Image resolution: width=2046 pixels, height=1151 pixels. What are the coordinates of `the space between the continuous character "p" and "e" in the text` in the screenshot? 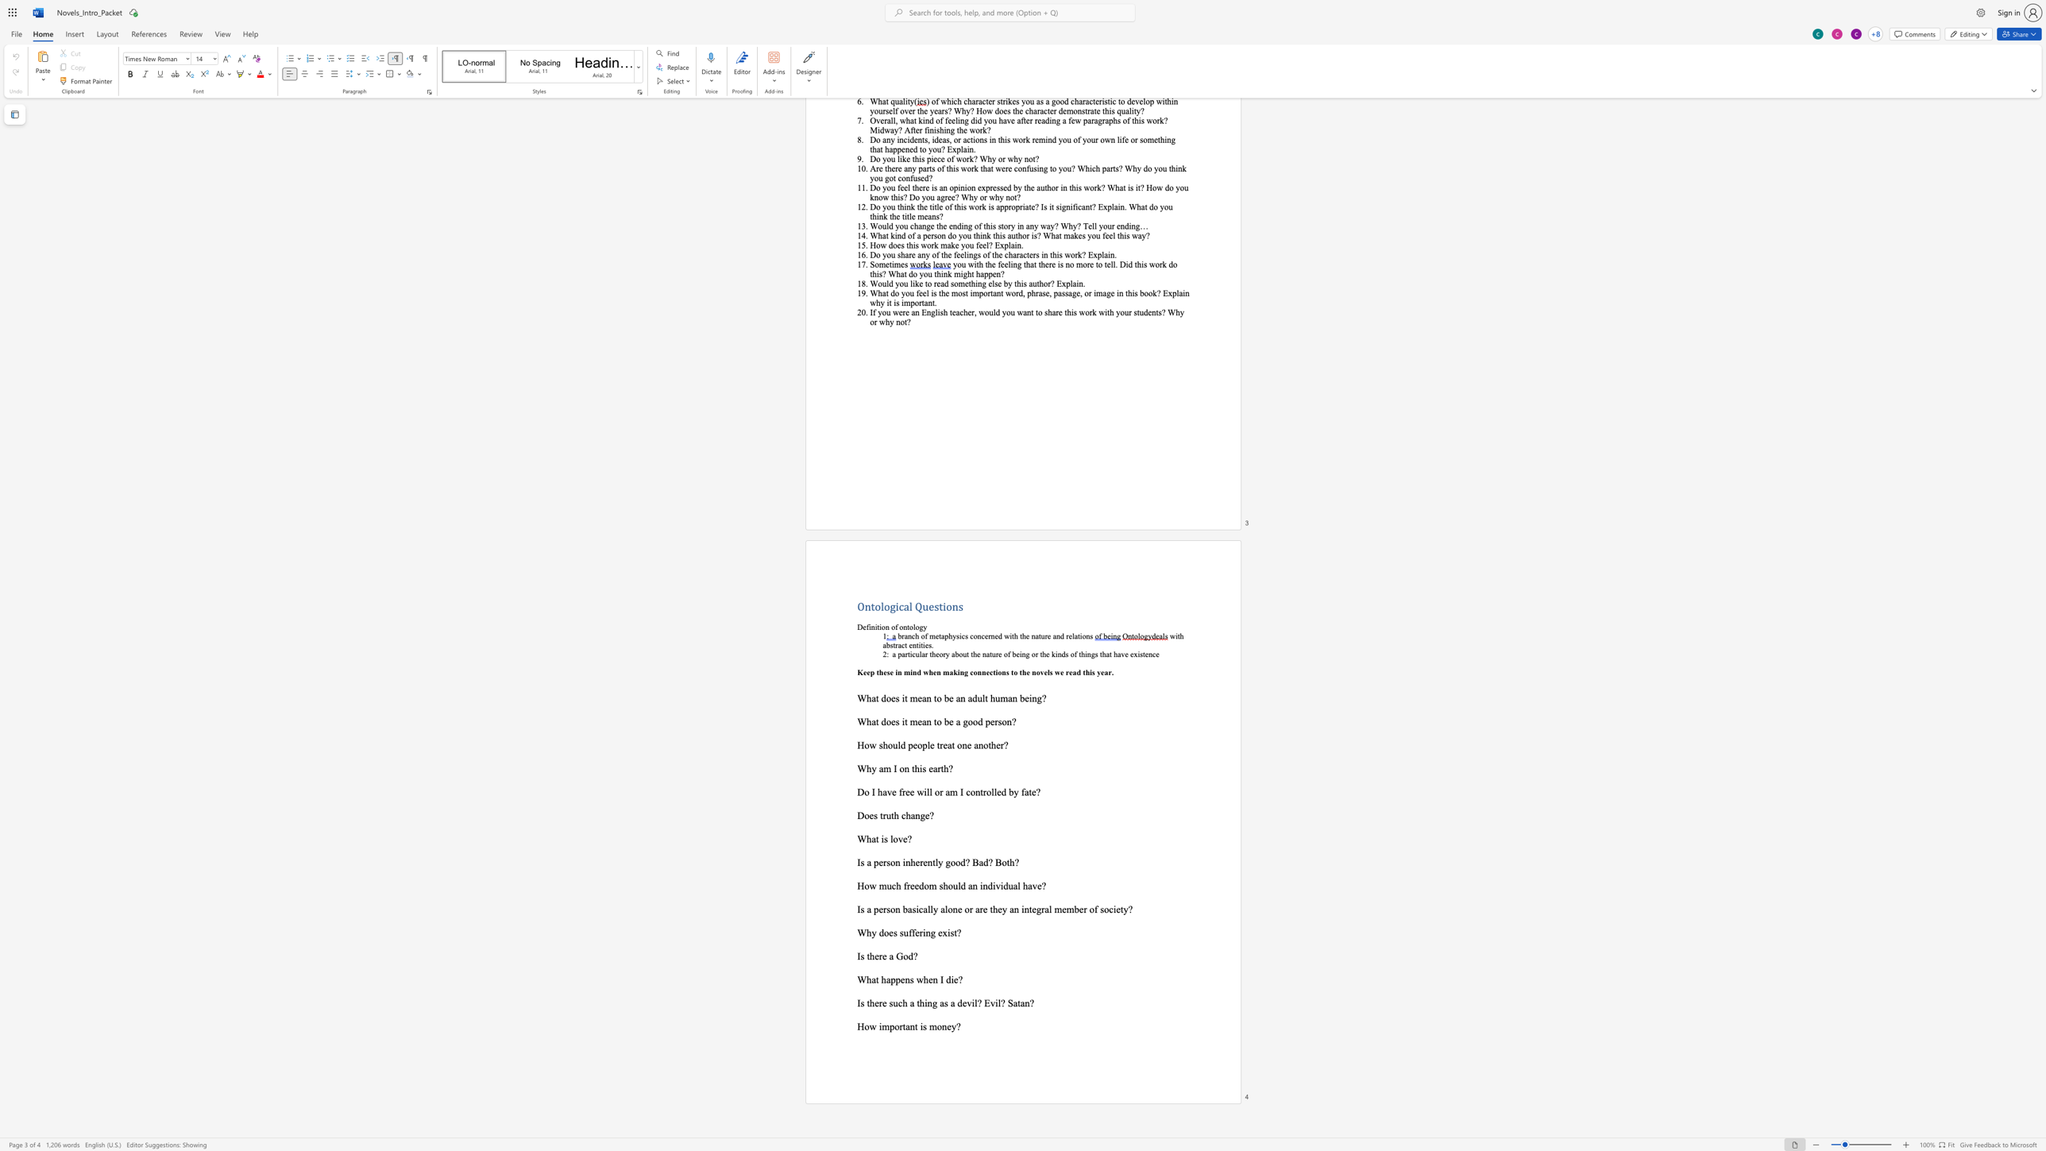 It's located at (899, 979).